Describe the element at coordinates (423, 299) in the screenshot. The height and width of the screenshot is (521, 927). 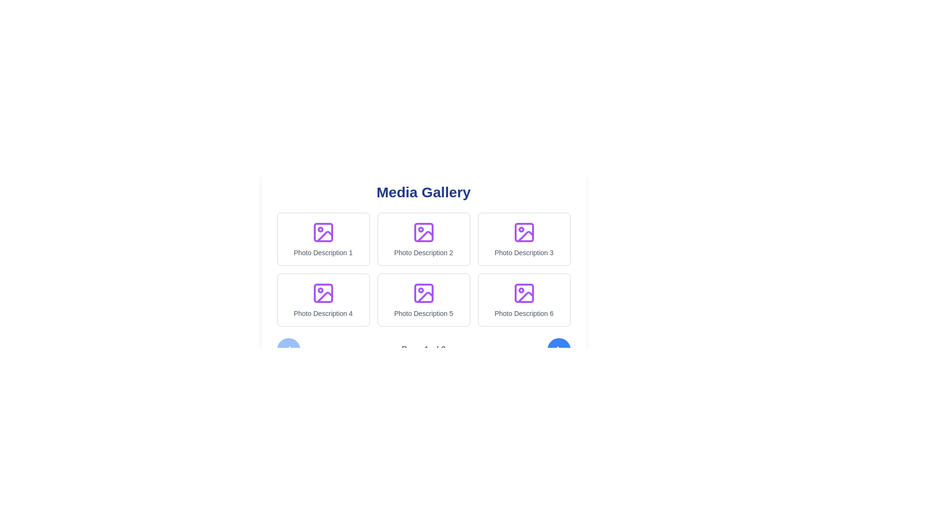
I see `the card component with a white background and gray border that contains the purple icon and the text 'Photo Description 5' in the second column of the second row` at that location.